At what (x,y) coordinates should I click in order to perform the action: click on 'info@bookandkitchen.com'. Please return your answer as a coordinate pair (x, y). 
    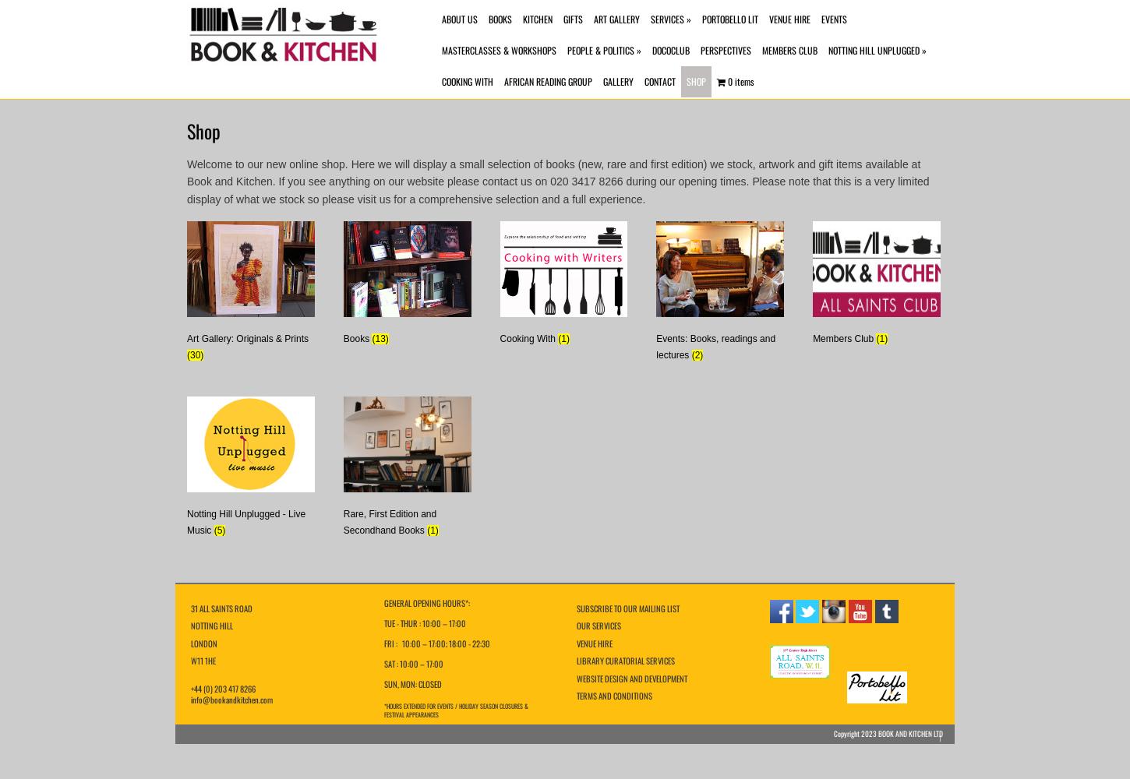
    Looking at the image, I should click on (191, 699).